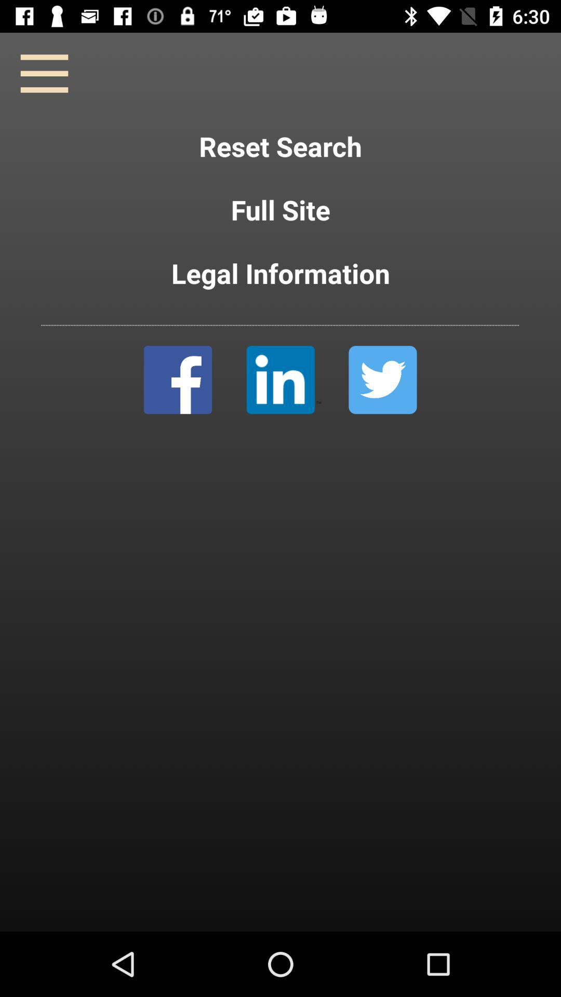 This screenshot has height=997, width=561. I want to click on twitter selection, so click(382, 379).